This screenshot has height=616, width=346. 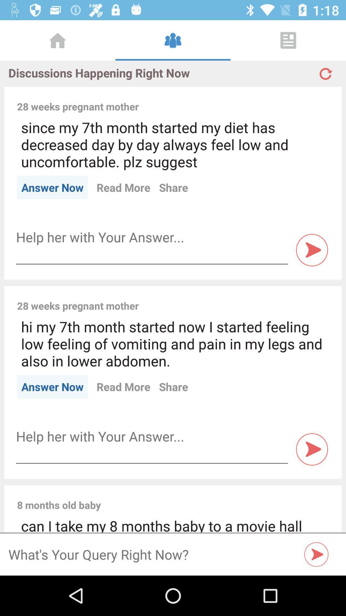 What do you see at coordinates (238, 298) in the screenshot?
I see `the item next to 28 weeks pregnant icon` at bounding box center [238, 298].